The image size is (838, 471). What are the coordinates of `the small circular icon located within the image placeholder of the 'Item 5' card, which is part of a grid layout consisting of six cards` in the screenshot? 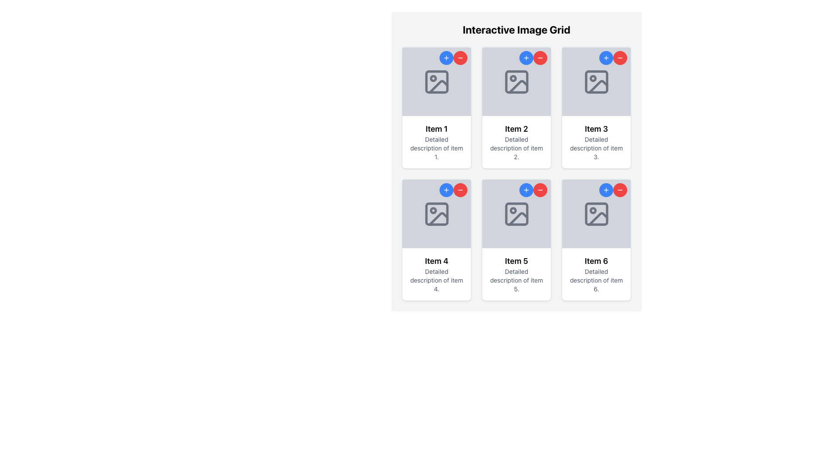 It's located at (513, 210).